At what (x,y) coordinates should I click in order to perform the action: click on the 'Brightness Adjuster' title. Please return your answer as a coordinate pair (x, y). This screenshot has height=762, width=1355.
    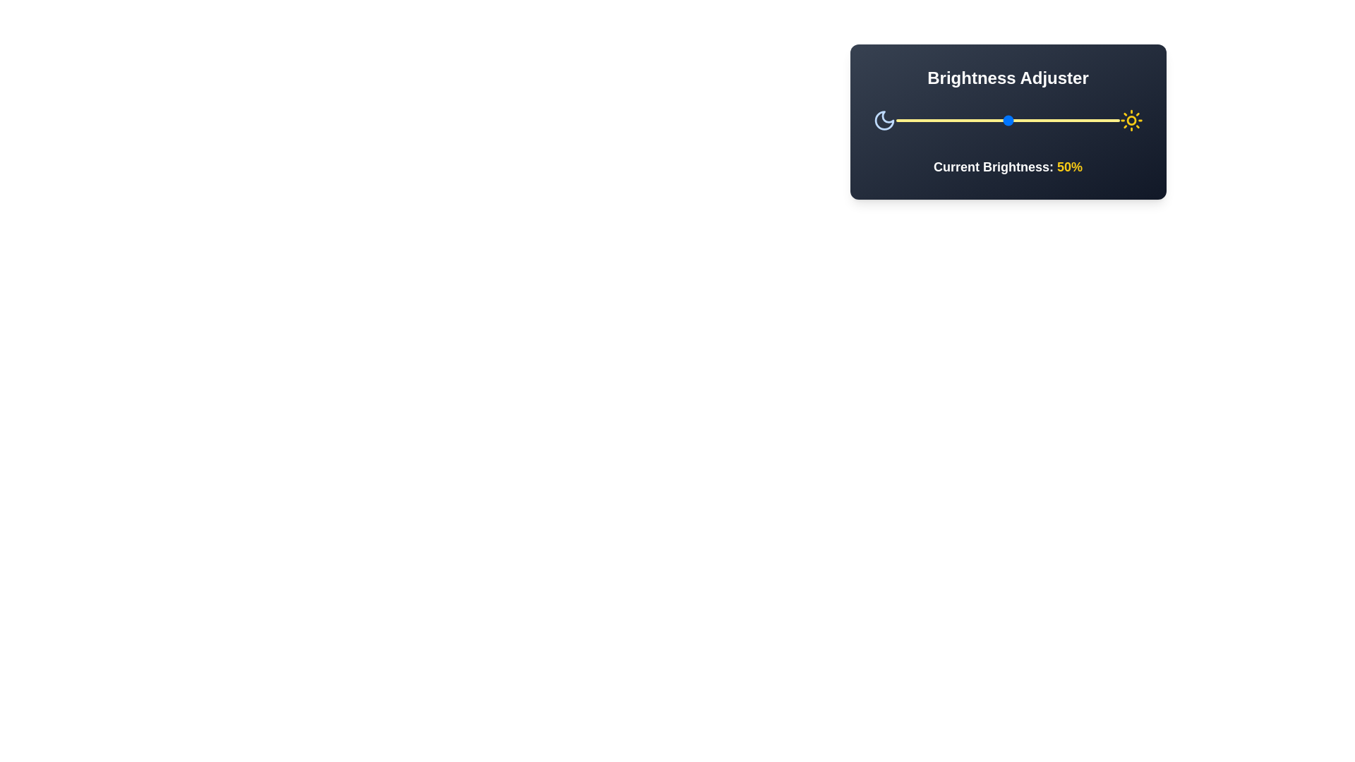
    Looking at the image, I should click on (1007, 78).